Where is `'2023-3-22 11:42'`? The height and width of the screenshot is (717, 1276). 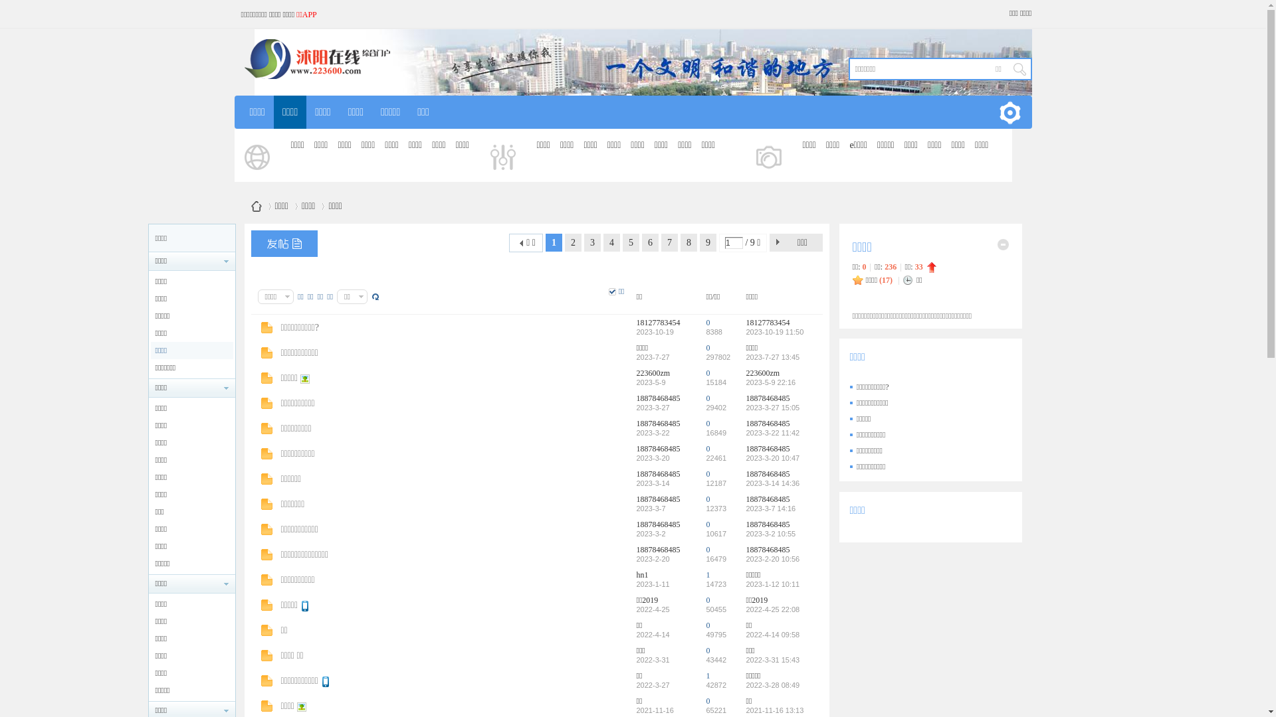
'2023-3-22 11:42' is located at coordinates (746, 432).